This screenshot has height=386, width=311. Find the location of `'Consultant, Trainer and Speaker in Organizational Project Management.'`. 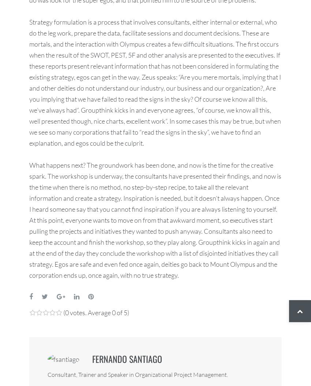

'Consultant, Trainer and Speaker in Organizational Project Management.' is located at coordinates (137, 374).